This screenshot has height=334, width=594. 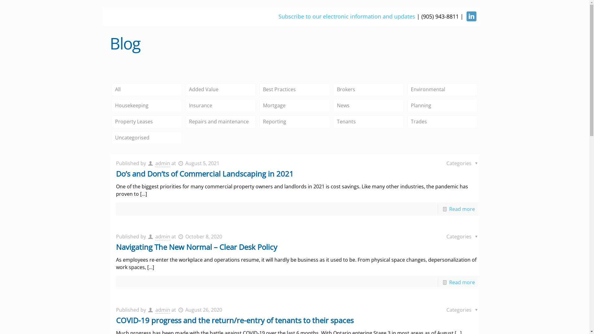 What do you see at coordinates (260, 105) in the screenshot?
I see `'Mortgage'` at bounding box center [260, 105].